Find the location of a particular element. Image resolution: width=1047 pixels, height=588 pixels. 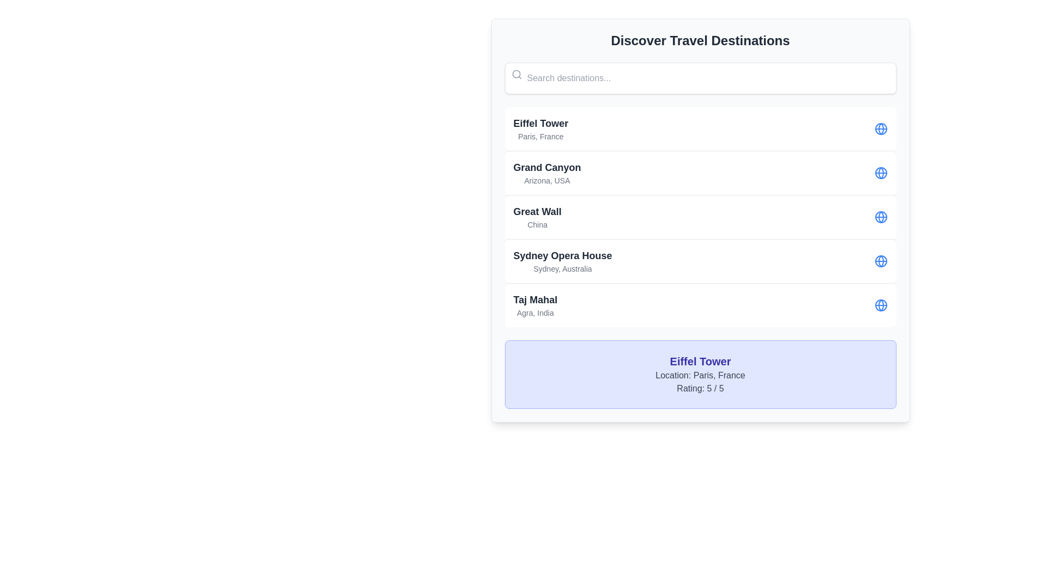

the globe icon with a blue outline located at the far right of the row labeled 'Sydney Opera House' and 'Sydney, Australia' is located at coordinates (881, 261).